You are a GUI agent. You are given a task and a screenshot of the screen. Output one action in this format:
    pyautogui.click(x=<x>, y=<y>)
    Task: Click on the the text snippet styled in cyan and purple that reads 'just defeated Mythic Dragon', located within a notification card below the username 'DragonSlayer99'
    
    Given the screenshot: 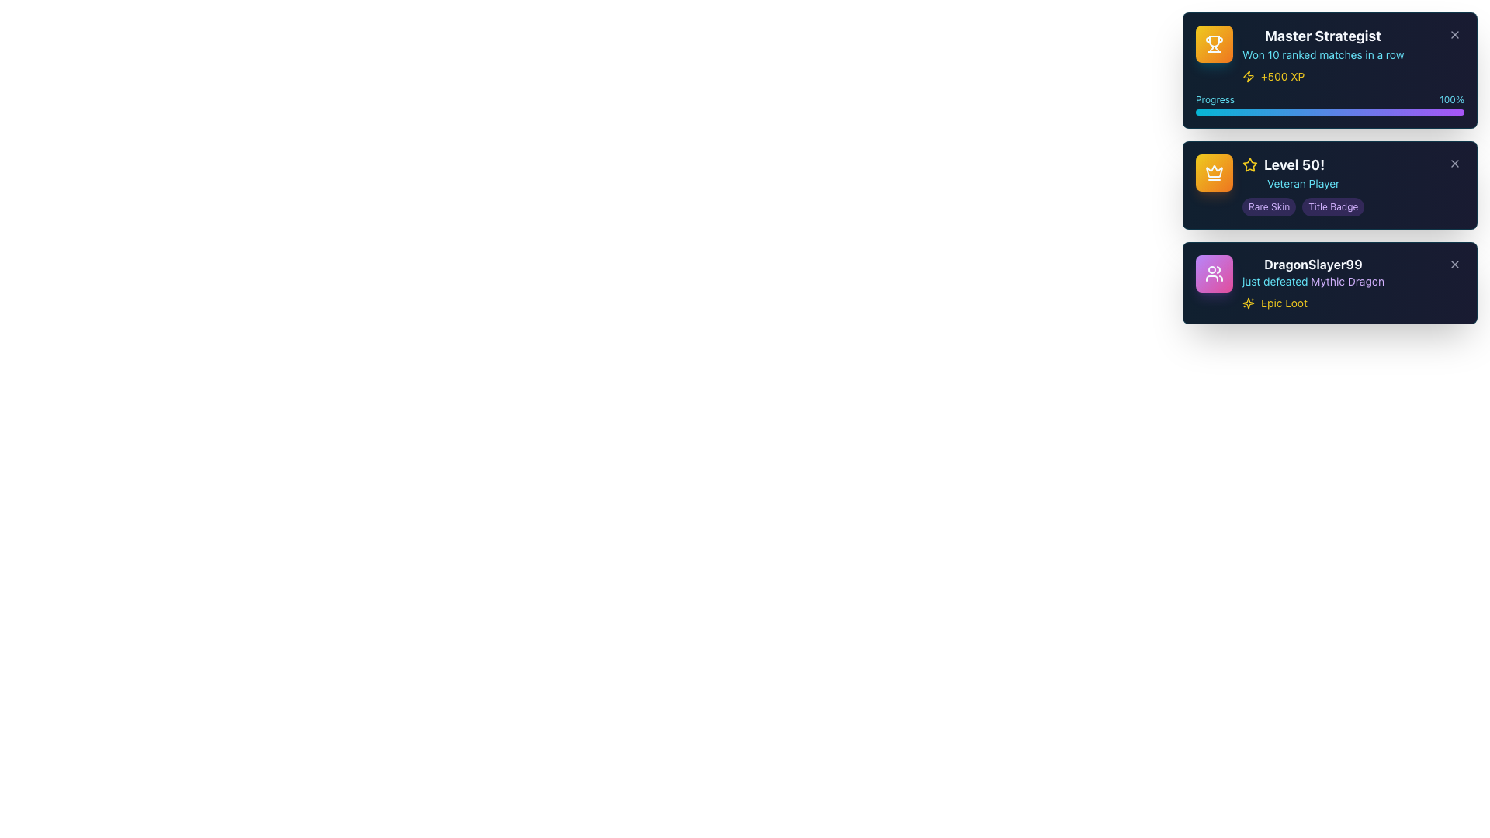 What is the action you would take?
    pyautogui.click(x=1312, y=281)
    